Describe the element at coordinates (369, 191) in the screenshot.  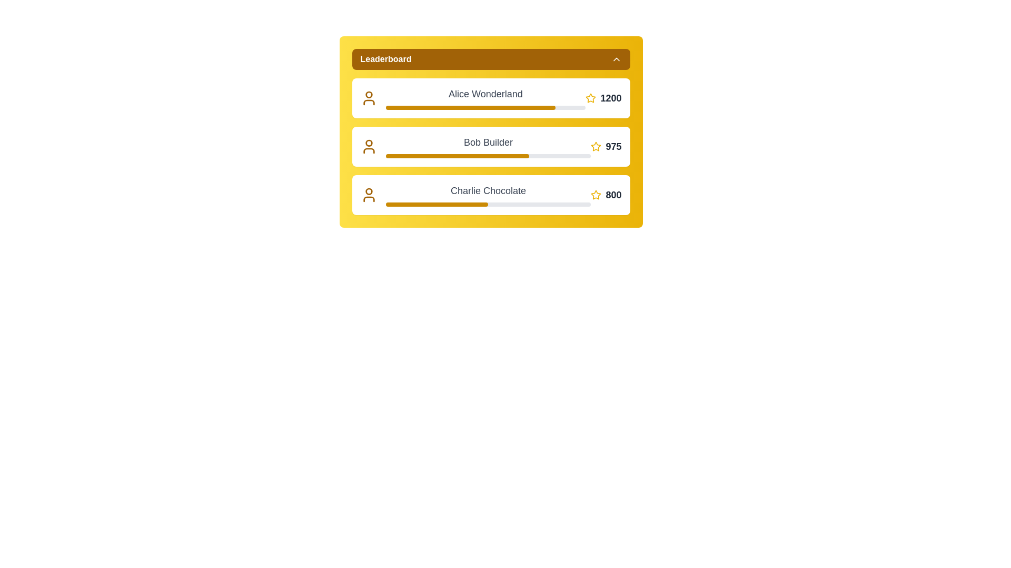
I see `the central circular icon of the user avatar graphic for the third item in the leaderboard, located to the left of the name 'Charlie Chocolate'` at that location.